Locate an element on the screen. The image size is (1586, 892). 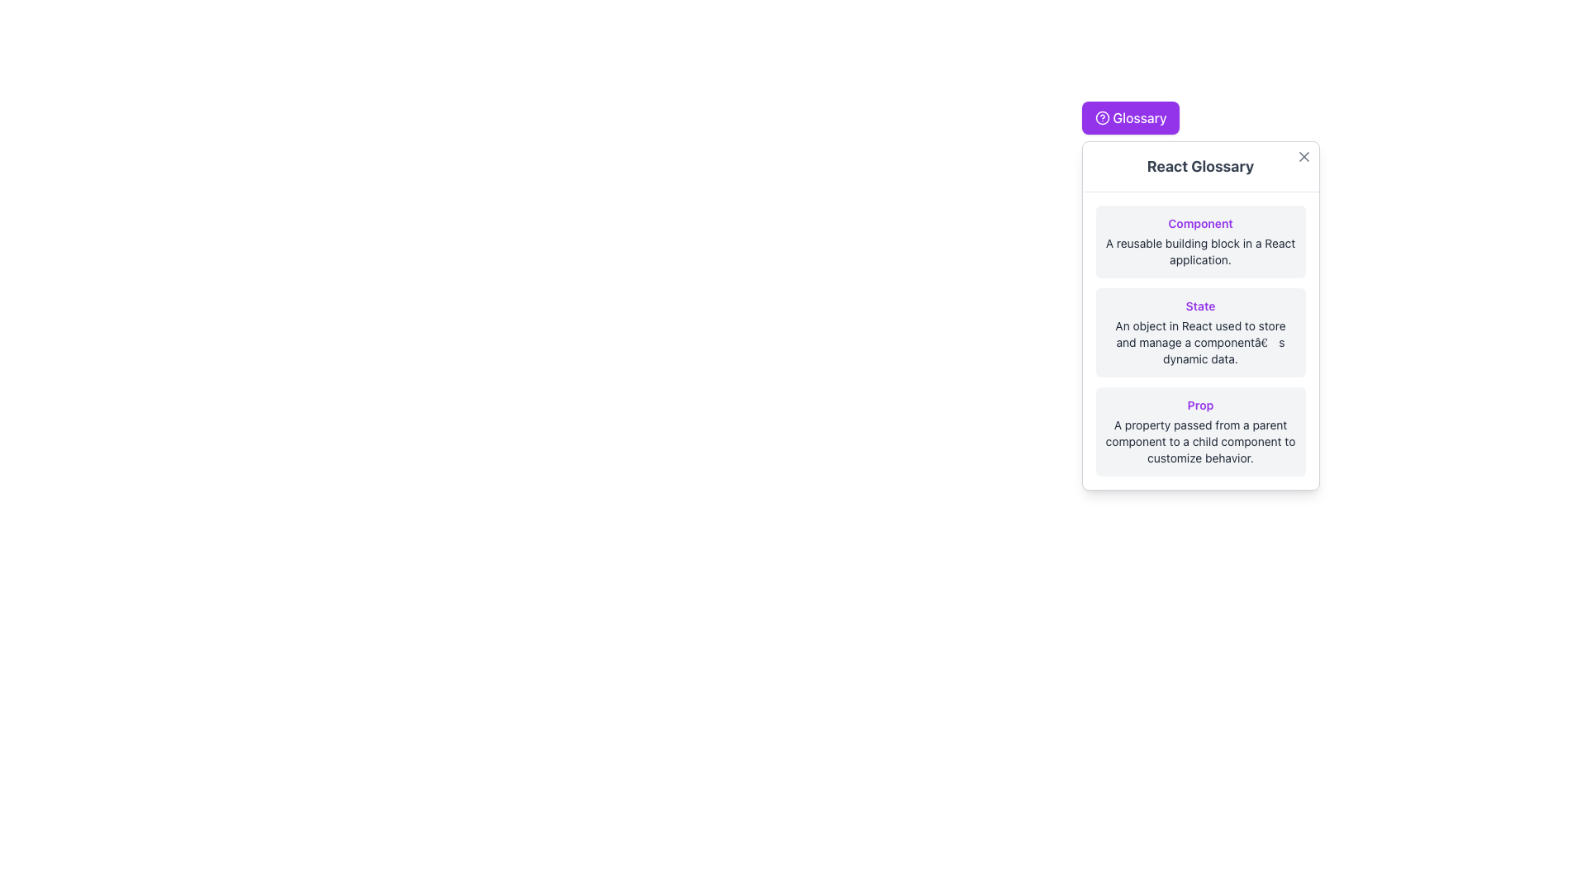
the Text block providing the definition for 'State' in the glossary pop-up located near the top right of the interface, below the 'Glossary' button is located at coordinates (1200, 316).